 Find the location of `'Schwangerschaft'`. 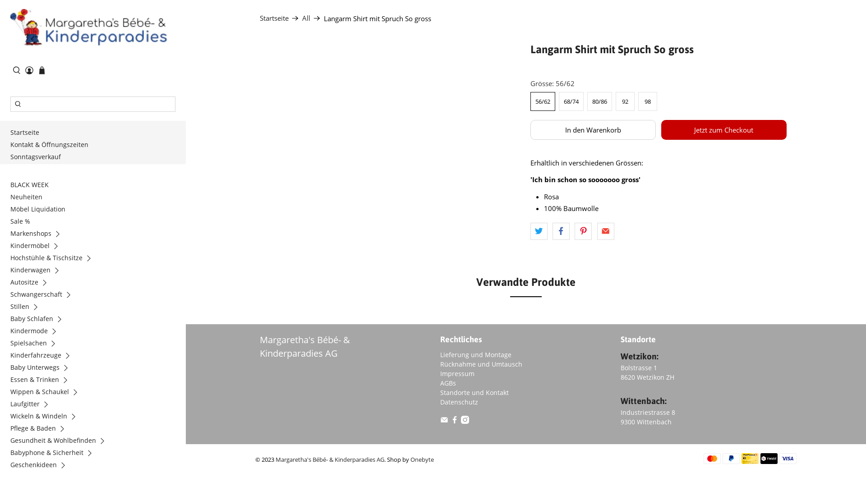

'Schwangerschaft' is located at coordinates (43, 295).